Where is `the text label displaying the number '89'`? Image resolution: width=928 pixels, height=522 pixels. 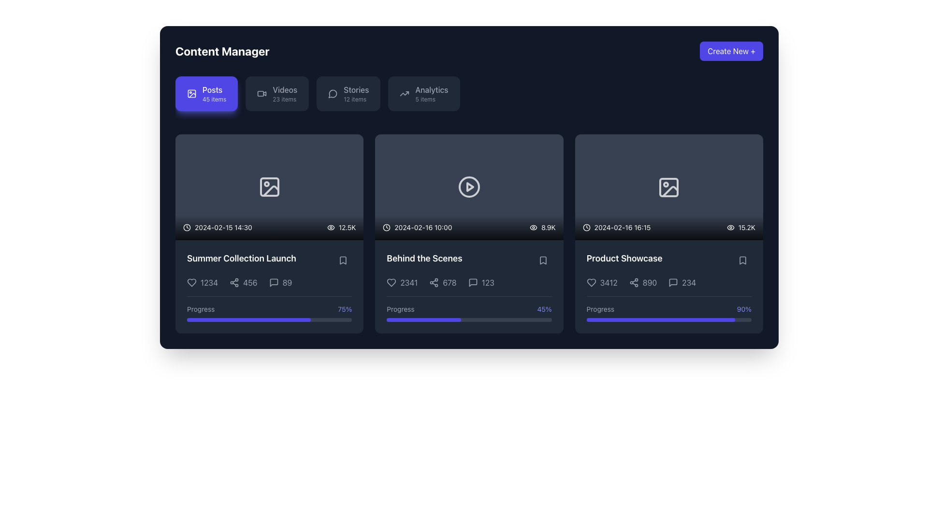 the text label displaying the number '89' is located at coordinates (287, 282).